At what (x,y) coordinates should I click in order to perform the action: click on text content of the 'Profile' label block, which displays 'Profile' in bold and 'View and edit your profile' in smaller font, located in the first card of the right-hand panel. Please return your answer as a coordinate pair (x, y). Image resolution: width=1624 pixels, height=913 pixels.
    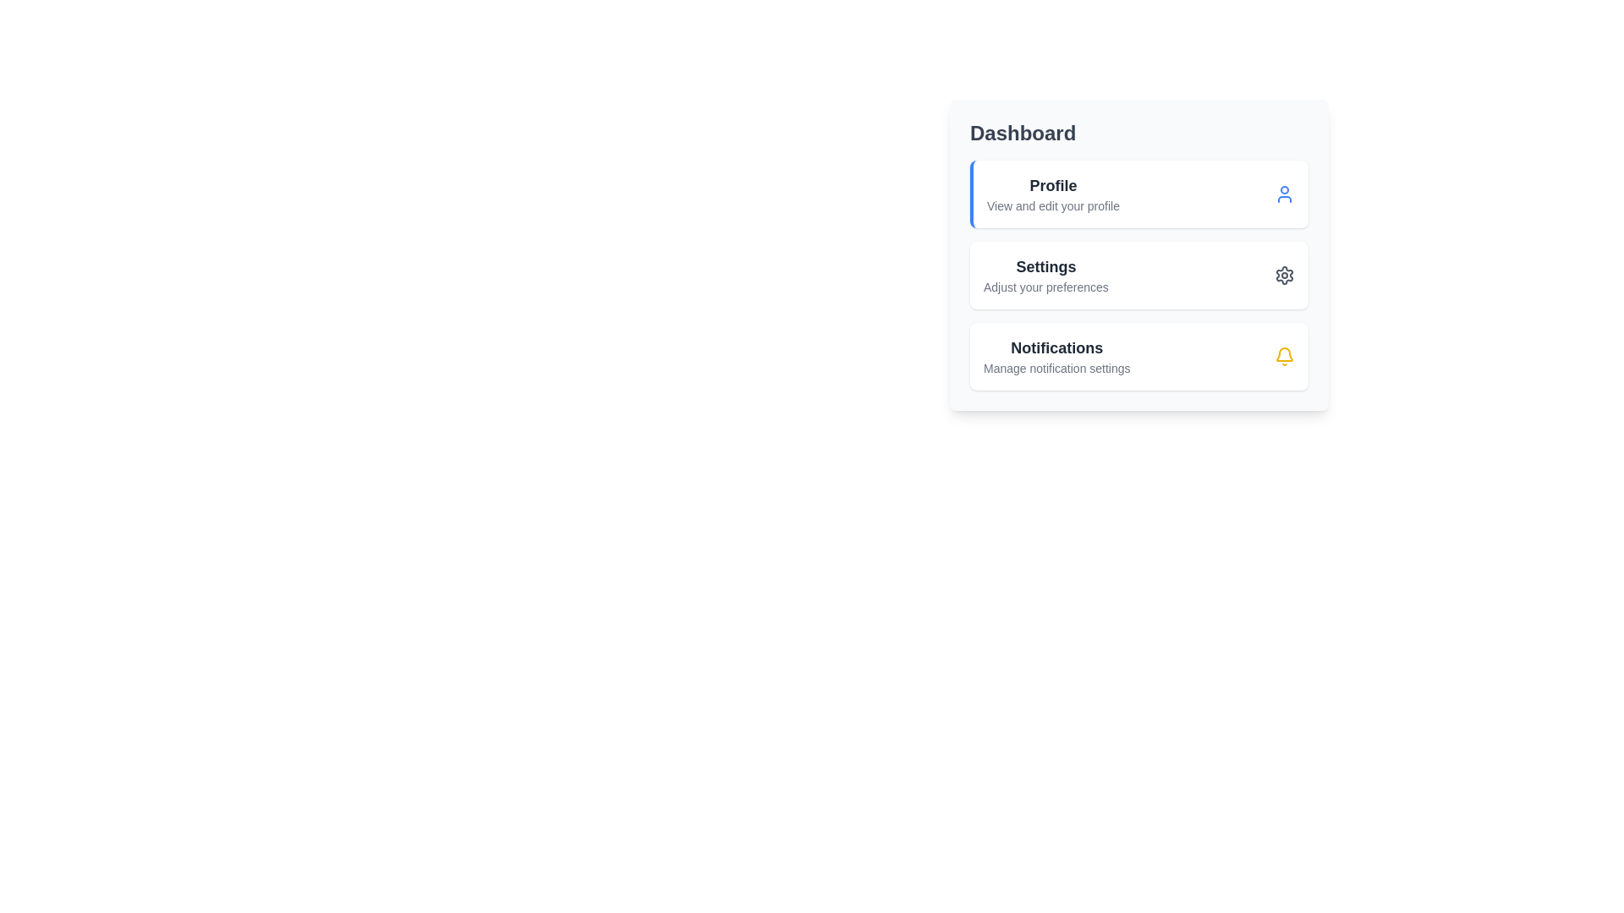
    Looking at the image, I should click on (1052, 194).